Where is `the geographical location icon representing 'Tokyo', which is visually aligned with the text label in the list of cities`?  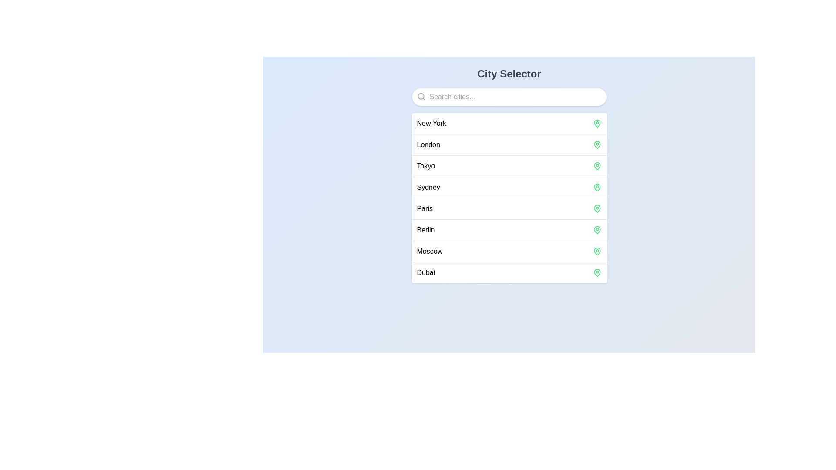 the geographical location icon representing 'Tokyo', which is visually aligned with the text label in the list of cities is located at coordinates (597, 166).